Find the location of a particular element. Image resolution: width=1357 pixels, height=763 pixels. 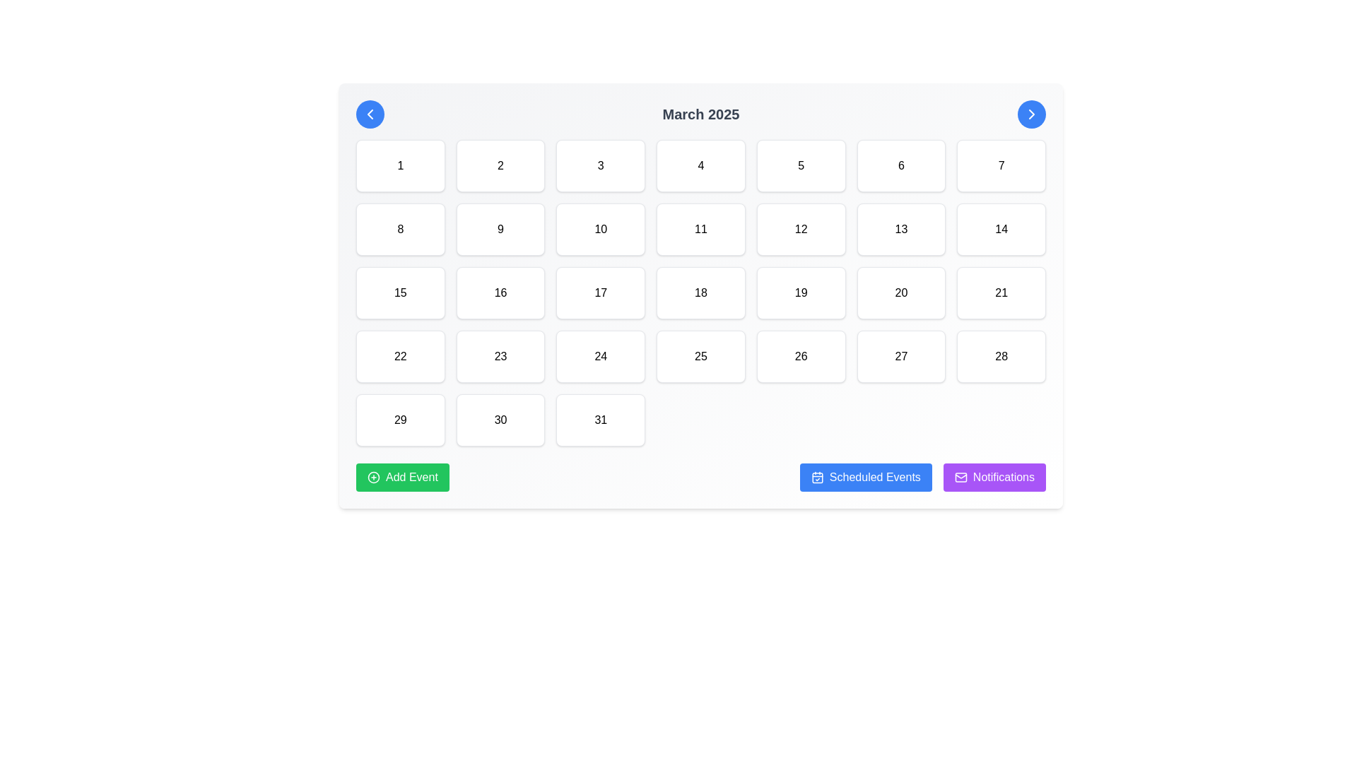

the Calendar date cell located at the beginning of the third row in a grid of 7 columns is located at coordinates (399, 292).